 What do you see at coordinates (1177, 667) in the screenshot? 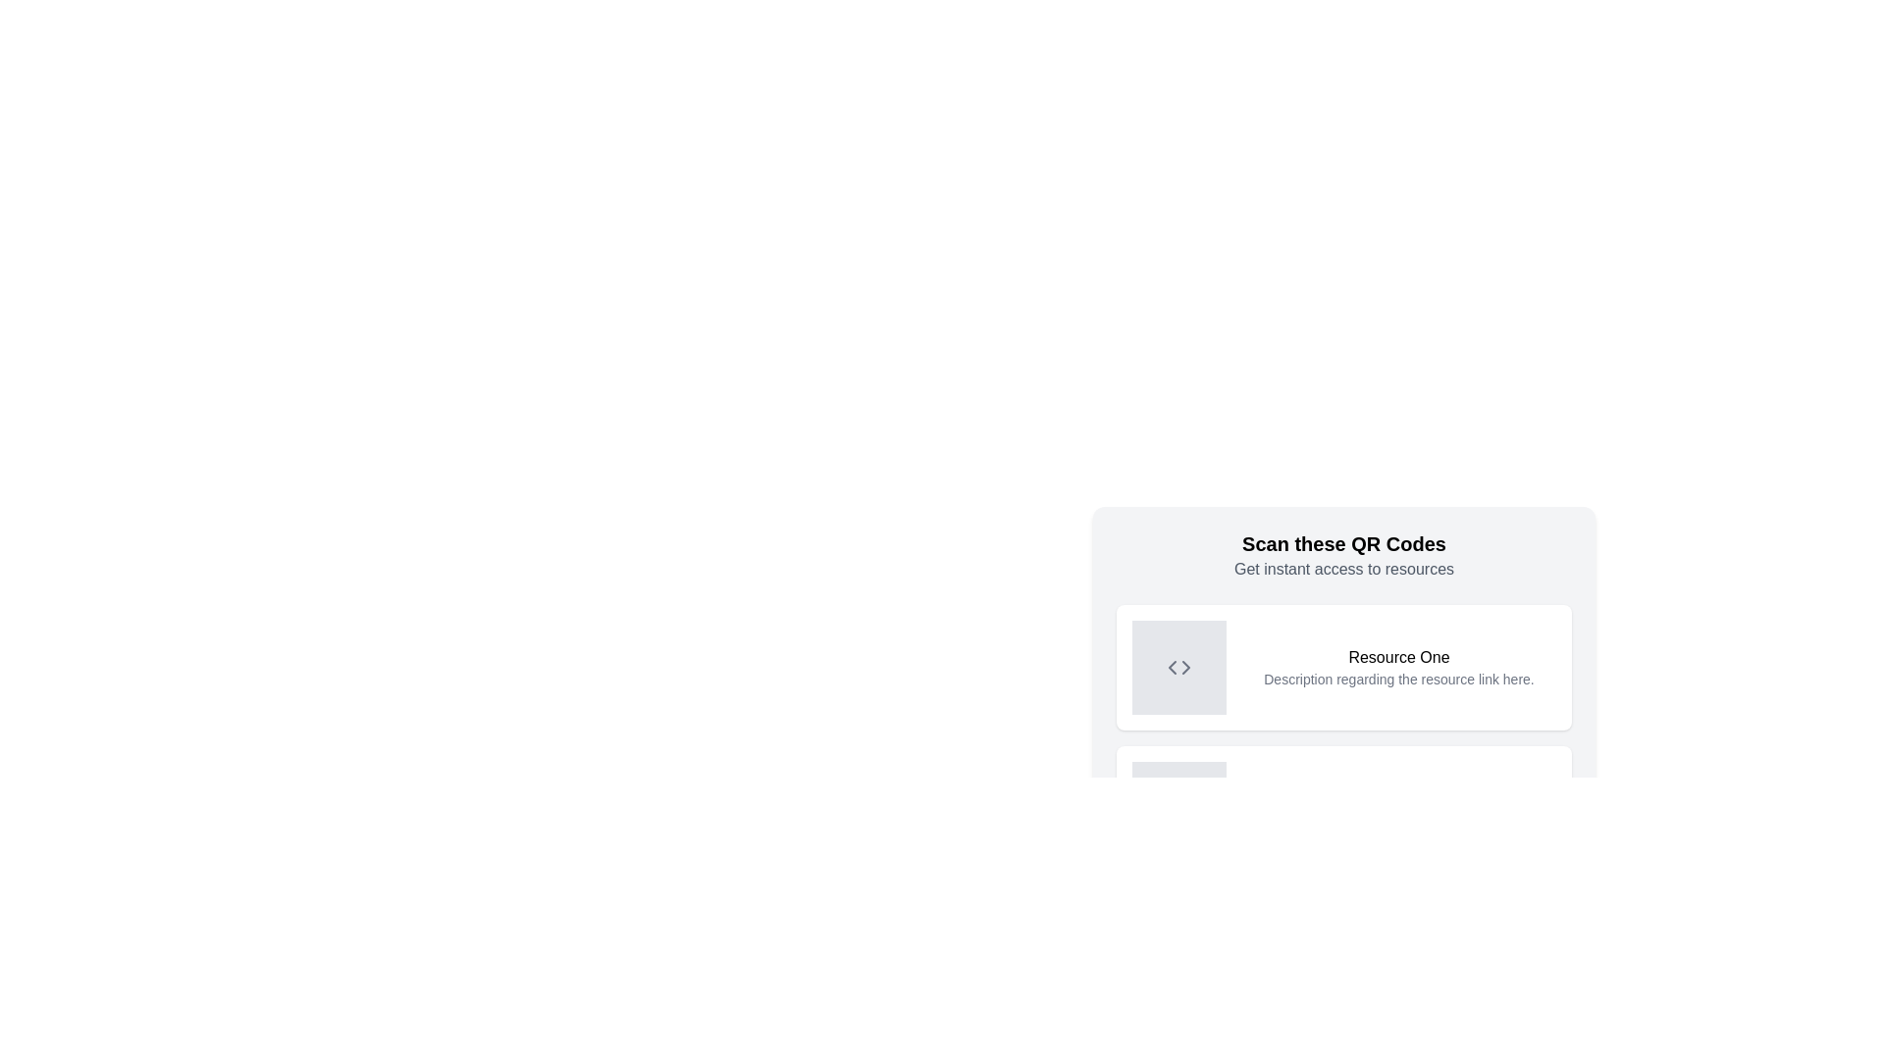
I see `the Decorative icon within the content card that has a light gray background and features a centered icon resembling an opening and closing angle bracket pair, located near the left edge of the card titled 'Resource One'` at bounding box center [1177, 667].